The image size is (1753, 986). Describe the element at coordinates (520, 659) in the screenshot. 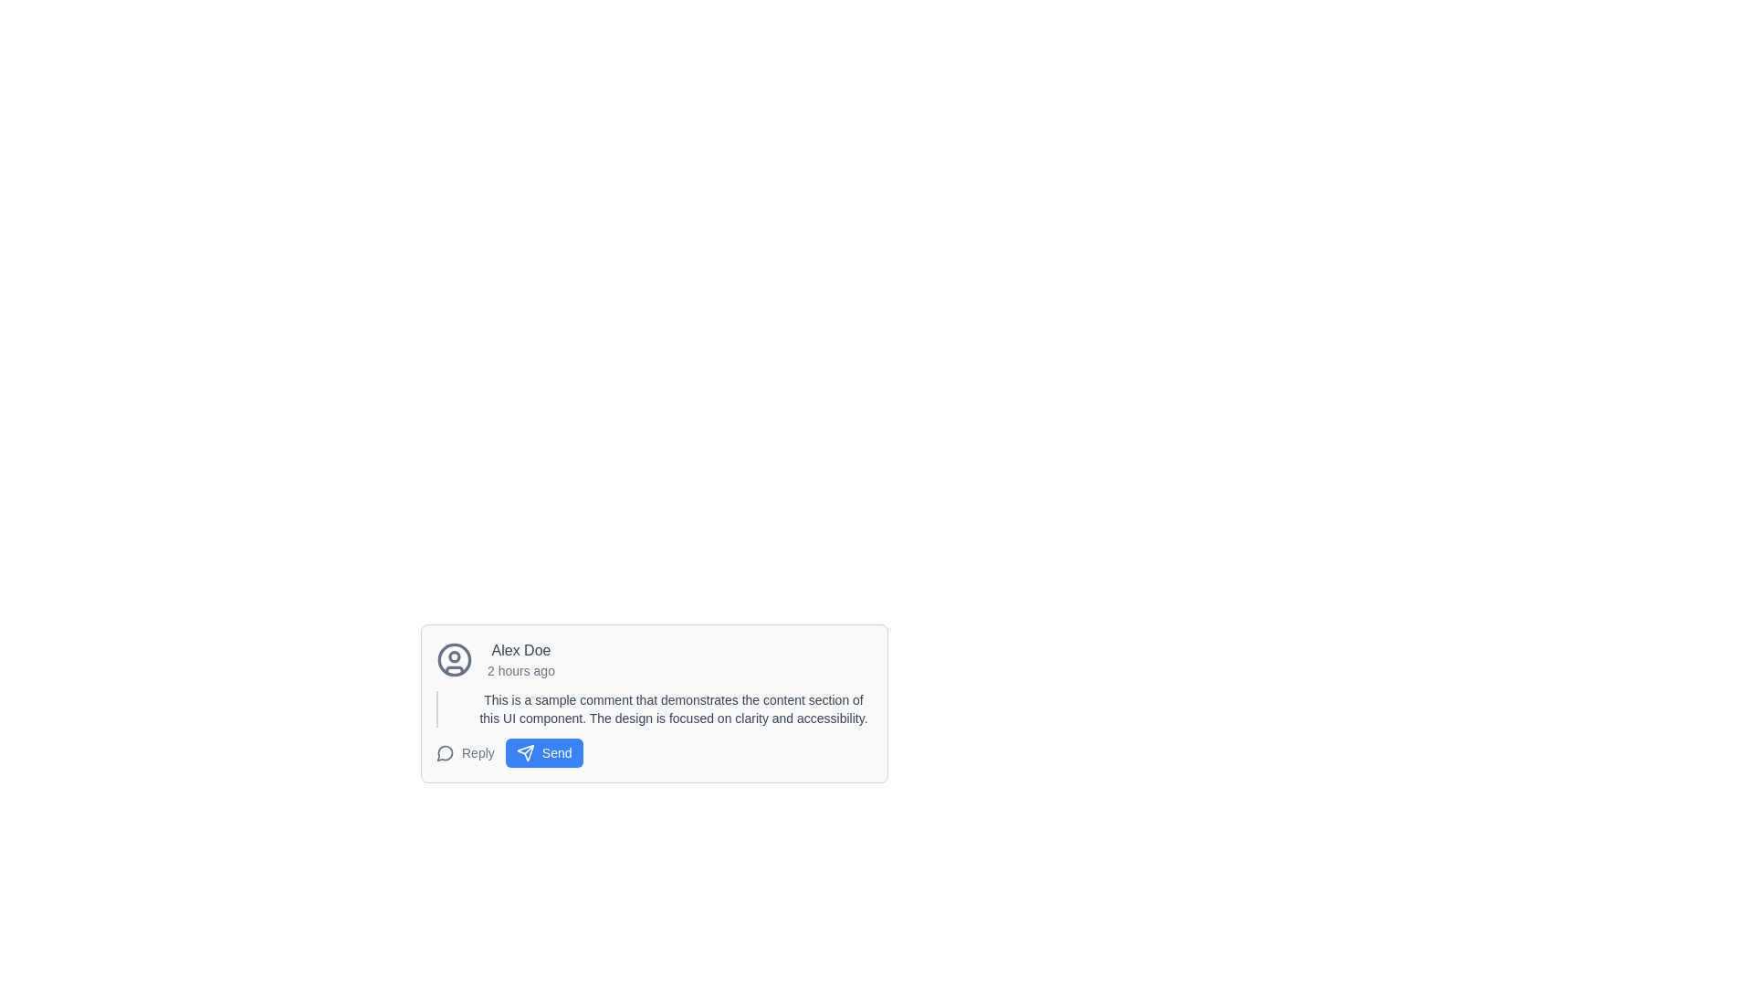

I see `the text block displaying 'Alex Doe' and '2 hours ago', which is located in the user profile section to the right of the avatar icon` at that location.